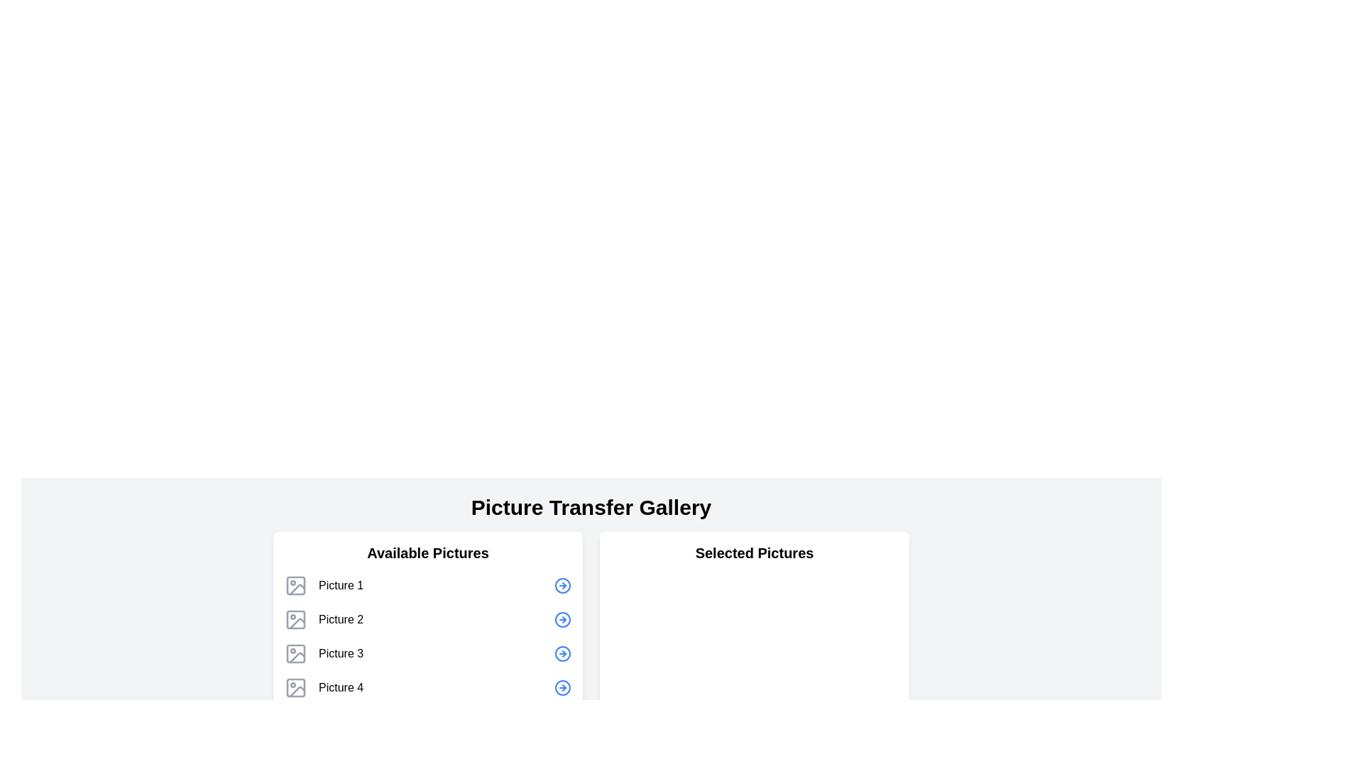  Describe the element at coordinates (295, 653) in the screenshot. I see `the Image icon labeled 'Picture 3', which is the third icon in a vertical list under the section header 'Available Pictures'` at that location.